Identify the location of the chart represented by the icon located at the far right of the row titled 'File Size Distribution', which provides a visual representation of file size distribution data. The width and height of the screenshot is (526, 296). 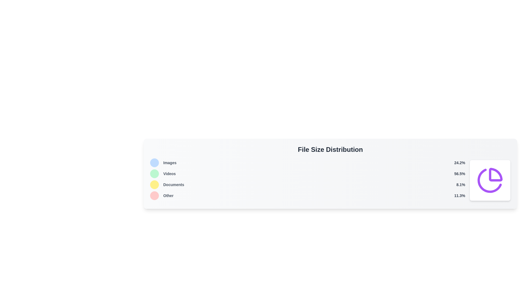
(490, 180).